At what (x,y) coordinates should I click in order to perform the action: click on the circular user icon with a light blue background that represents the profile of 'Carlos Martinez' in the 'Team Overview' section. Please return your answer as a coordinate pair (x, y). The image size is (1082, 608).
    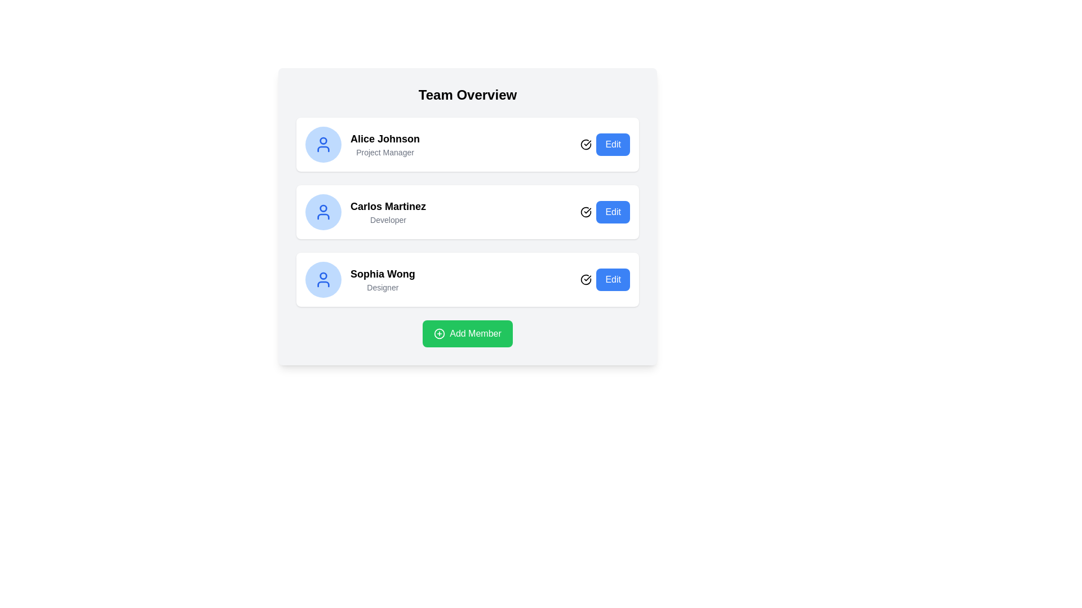
    Looking at the image, I should click on (323, 212).